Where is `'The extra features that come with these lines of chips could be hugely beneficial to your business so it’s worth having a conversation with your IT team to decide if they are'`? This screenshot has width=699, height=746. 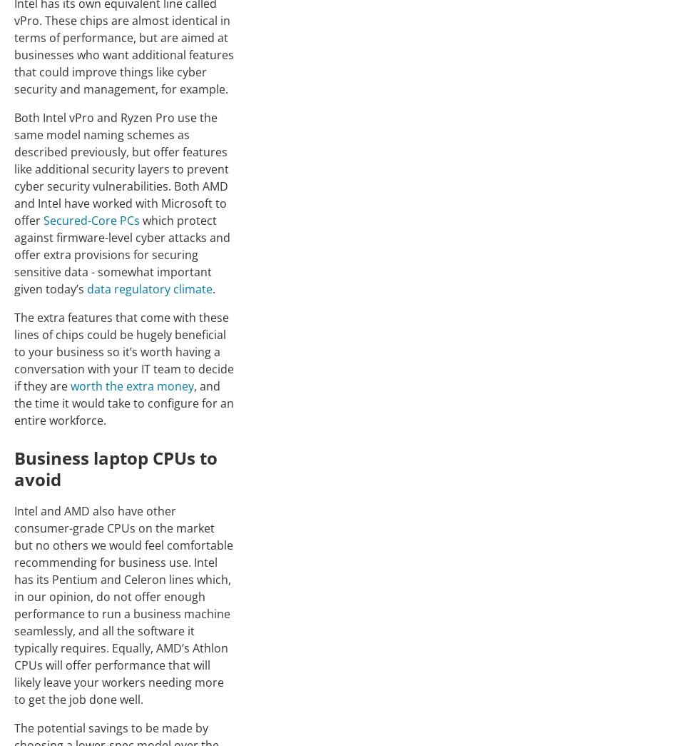 'The extra features that come with these lines of chips could be hugely beneficial to your business so it’s worth having a conversation with your IT team to decide if they are' is located at coordinates (124, 350).